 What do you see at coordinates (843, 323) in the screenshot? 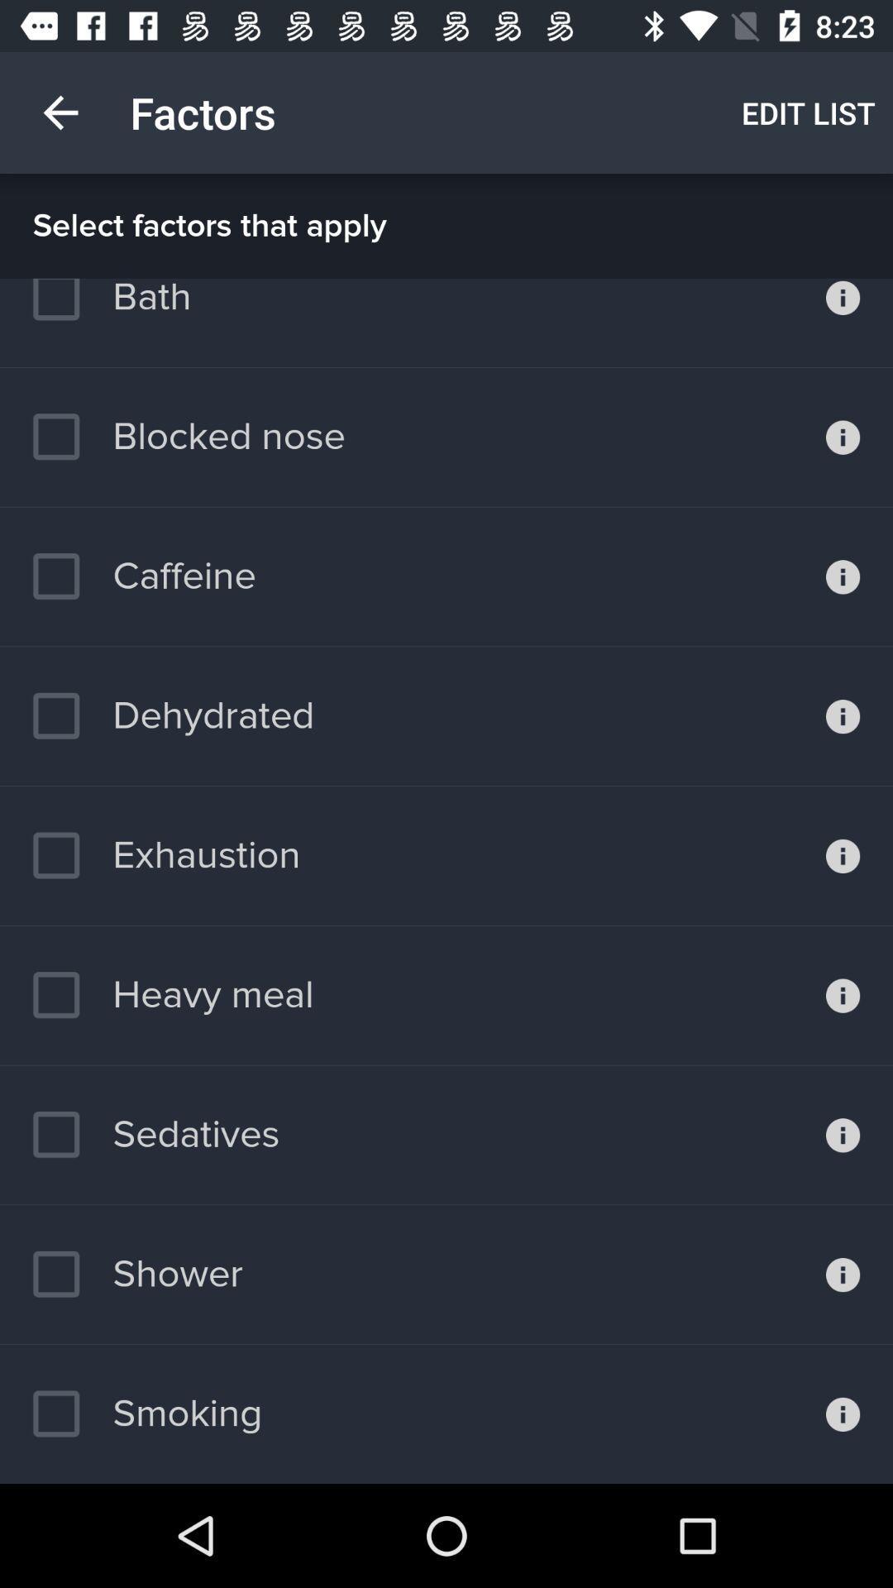
I see `more info` at bounding box center [843, 323].